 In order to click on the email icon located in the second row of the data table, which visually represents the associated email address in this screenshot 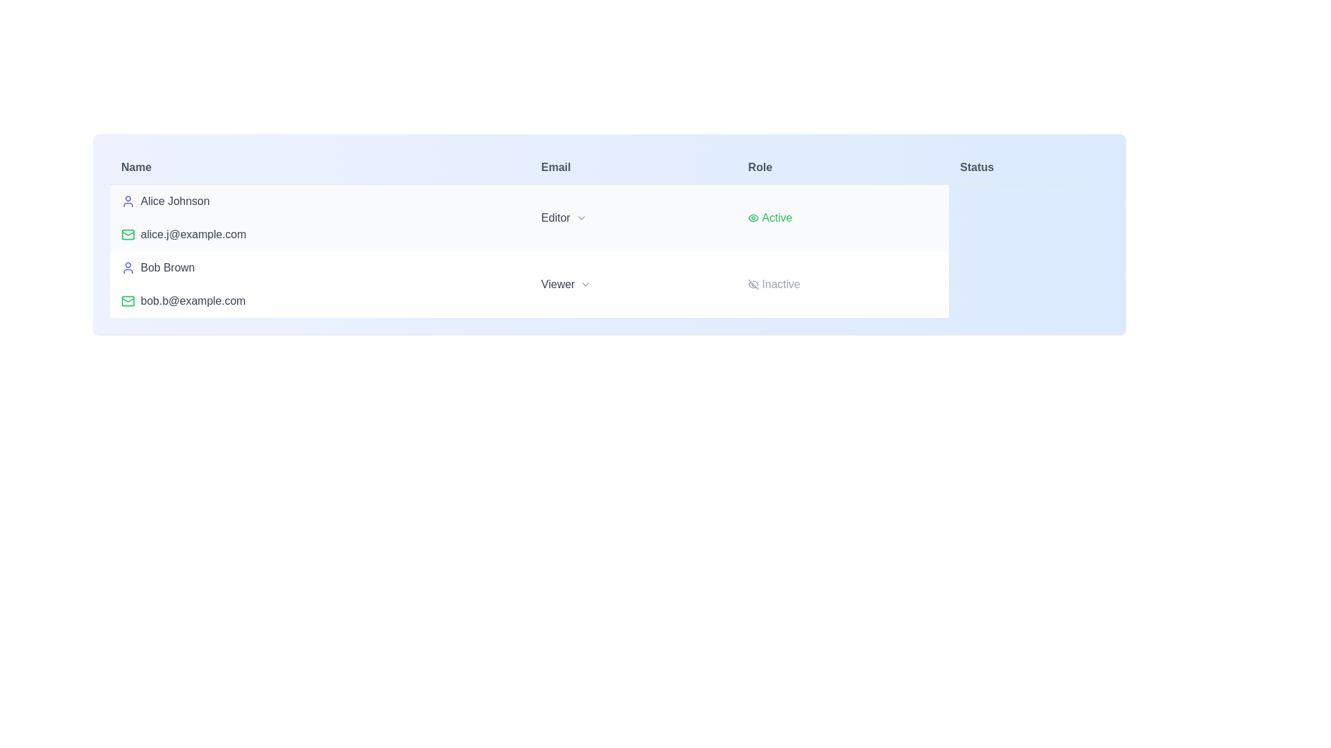, I will do `click(128, 301)`.